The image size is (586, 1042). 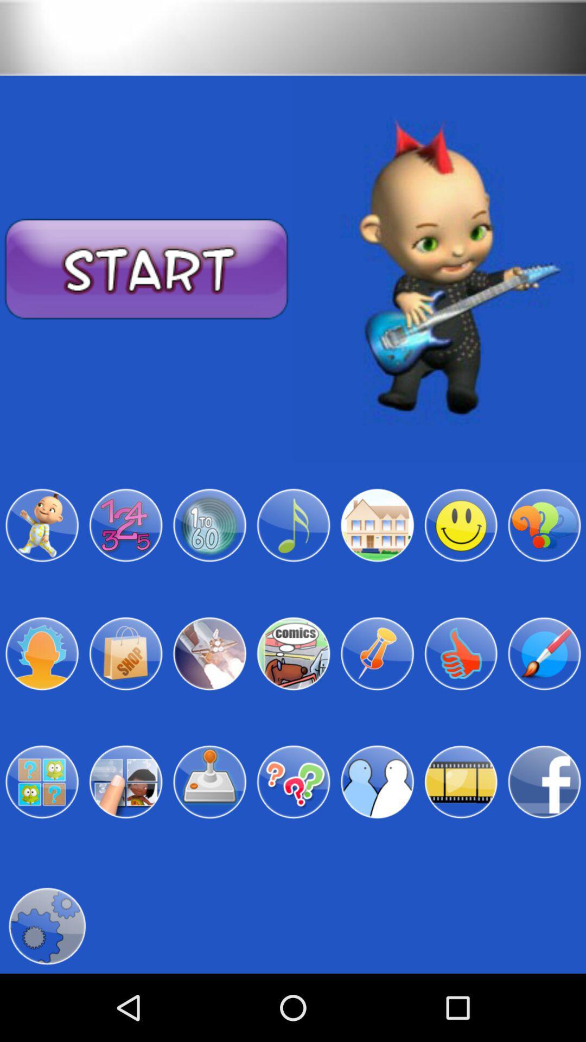 I want to click on question section, so click(x=293, y=782).